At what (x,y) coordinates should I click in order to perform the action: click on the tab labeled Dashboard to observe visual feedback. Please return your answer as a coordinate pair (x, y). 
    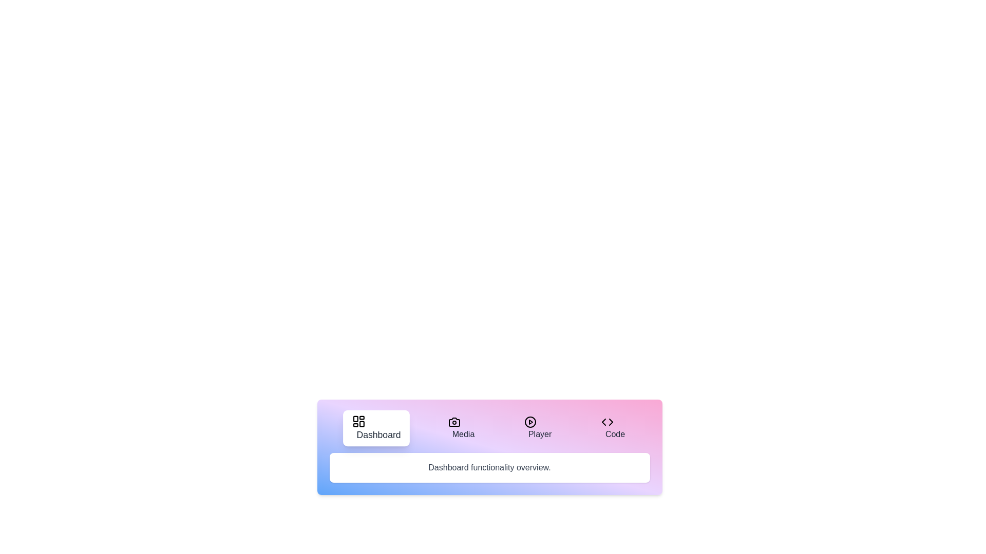
    Looking at the image, I should click on (375, 428).